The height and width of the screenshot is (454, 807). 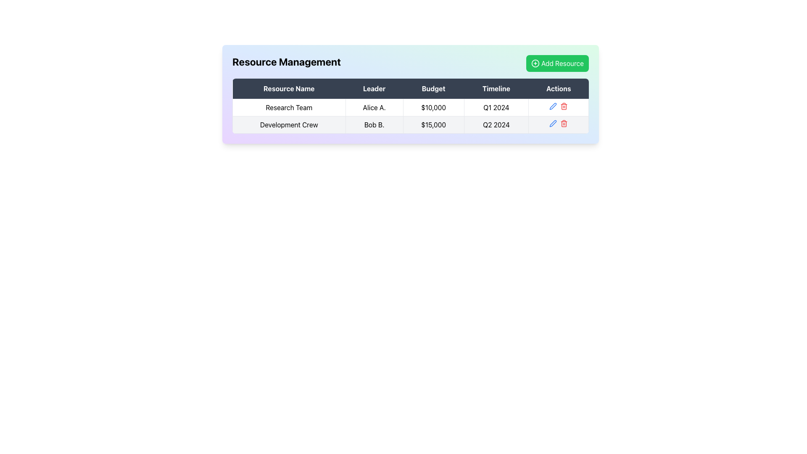 I want to click on the 'Edit' button in the 'Actions' column of the 'Development Crew' row, so click(x=553, y=106).